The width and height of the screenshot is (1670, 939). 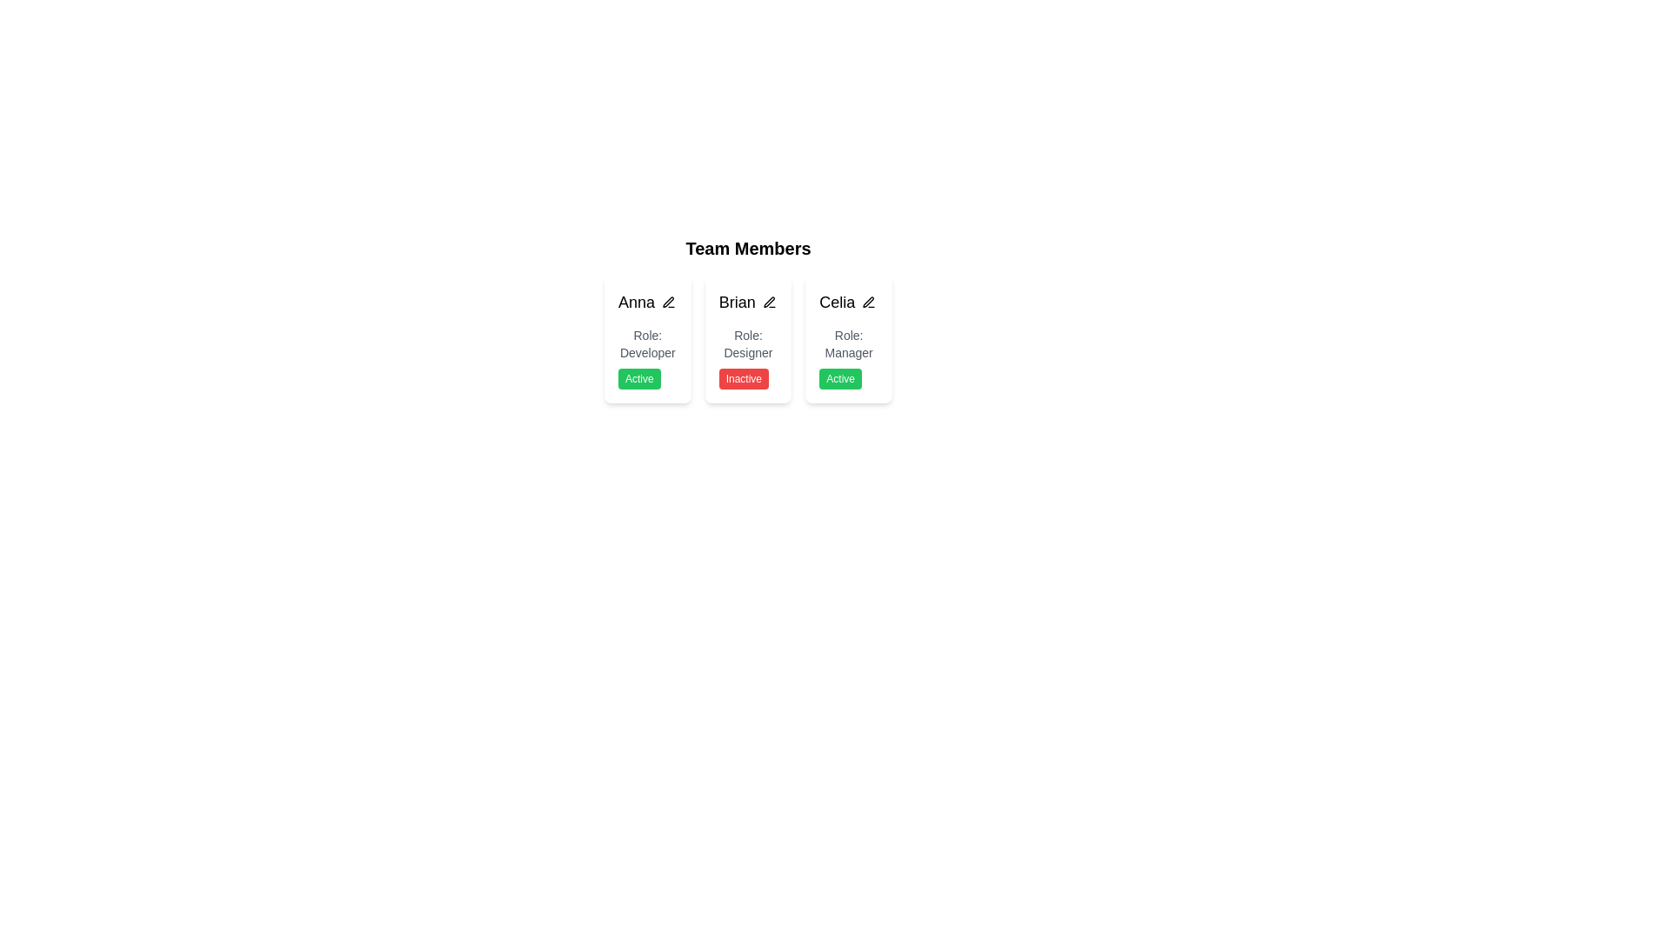 What do you see at coordinates (748, 344) in the screenshot?
I see `the Text Label indicating the role designation 'Designer' associated with 'Brian', located below 'Brian' and above the badge 'Inactive' in the 'Team Members' section` at bounding box center [748, 344].